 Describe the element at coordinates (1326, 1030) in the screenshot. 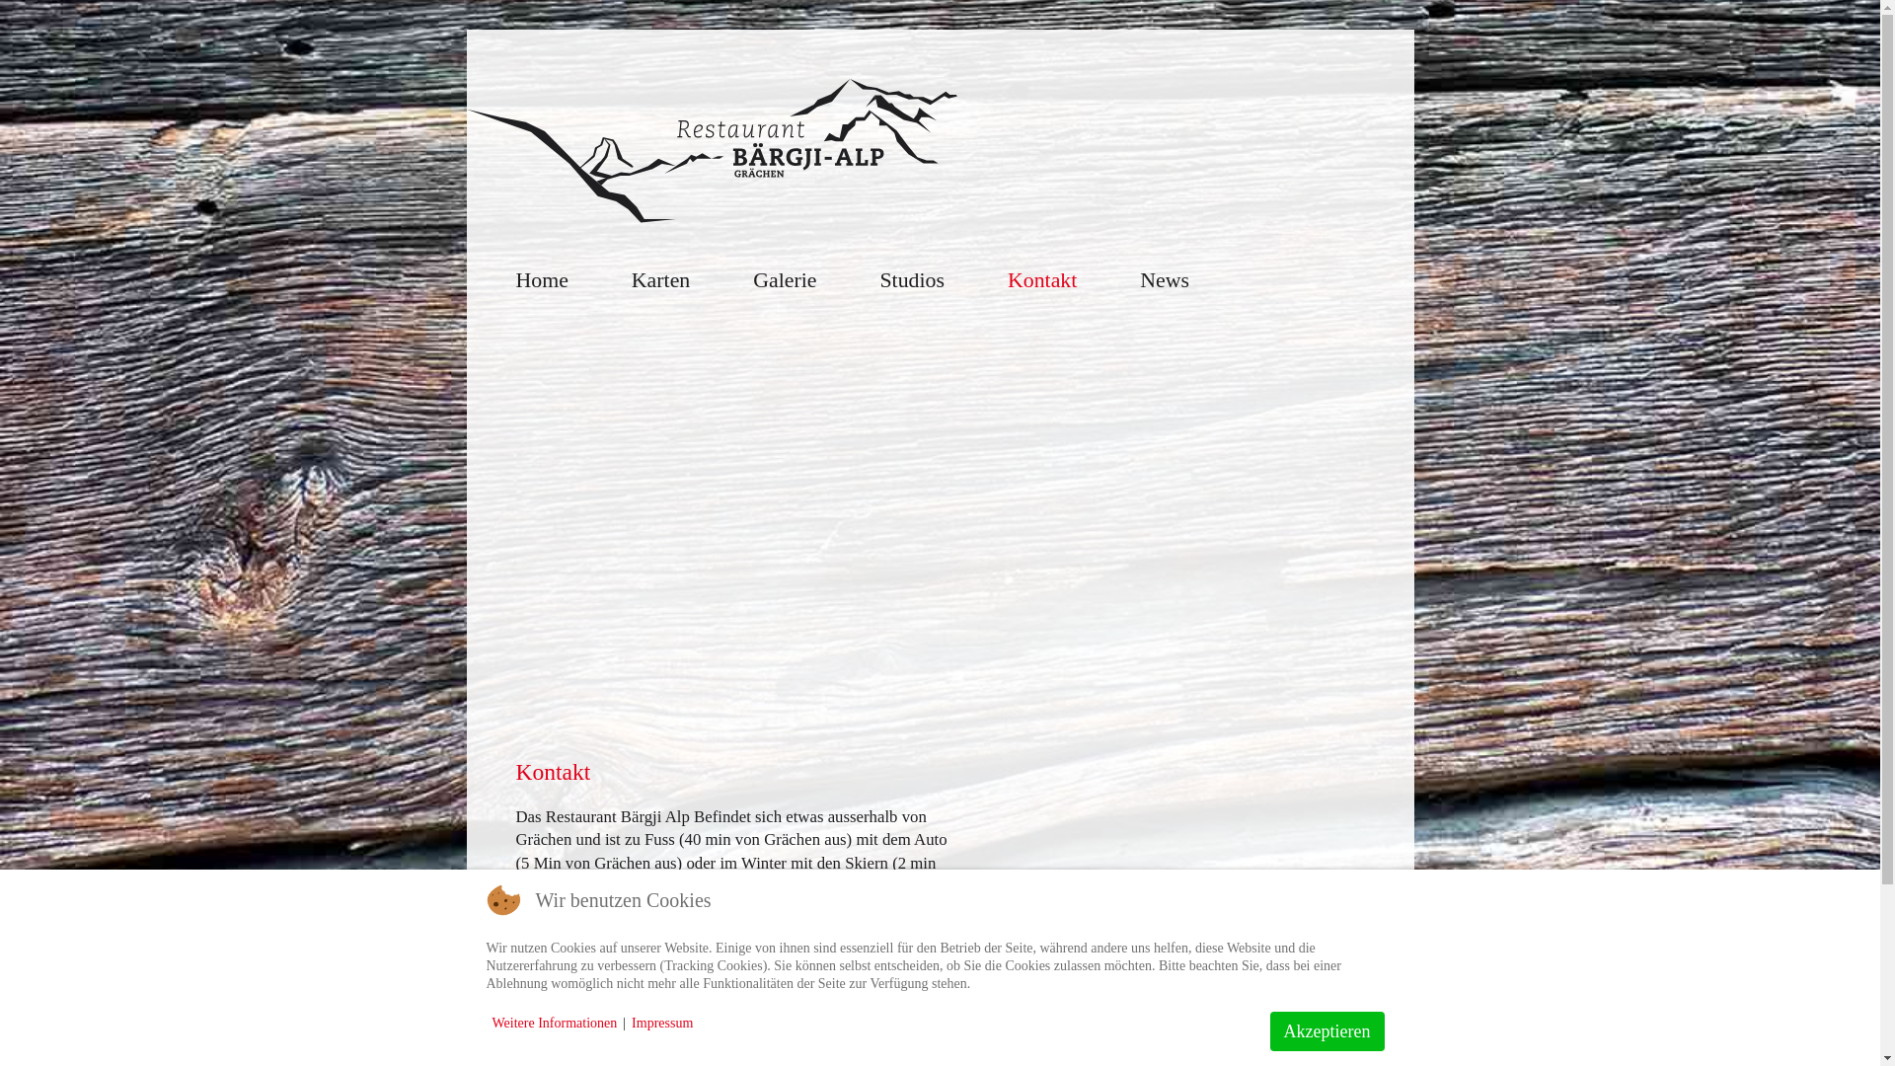

I see `'Akzeptieren'` at that location.